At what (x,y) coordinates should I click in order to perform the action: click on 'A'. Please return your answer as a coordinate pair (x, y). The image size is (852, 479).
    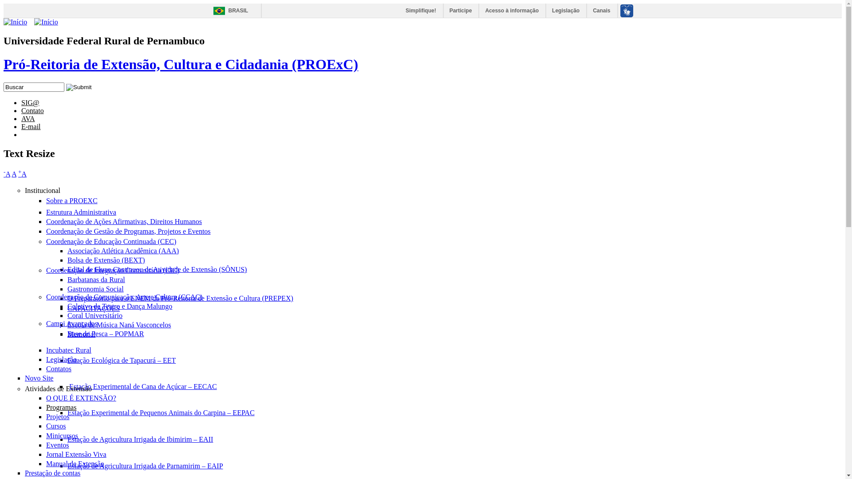
    Looking at the image, I should click on (14, 174).